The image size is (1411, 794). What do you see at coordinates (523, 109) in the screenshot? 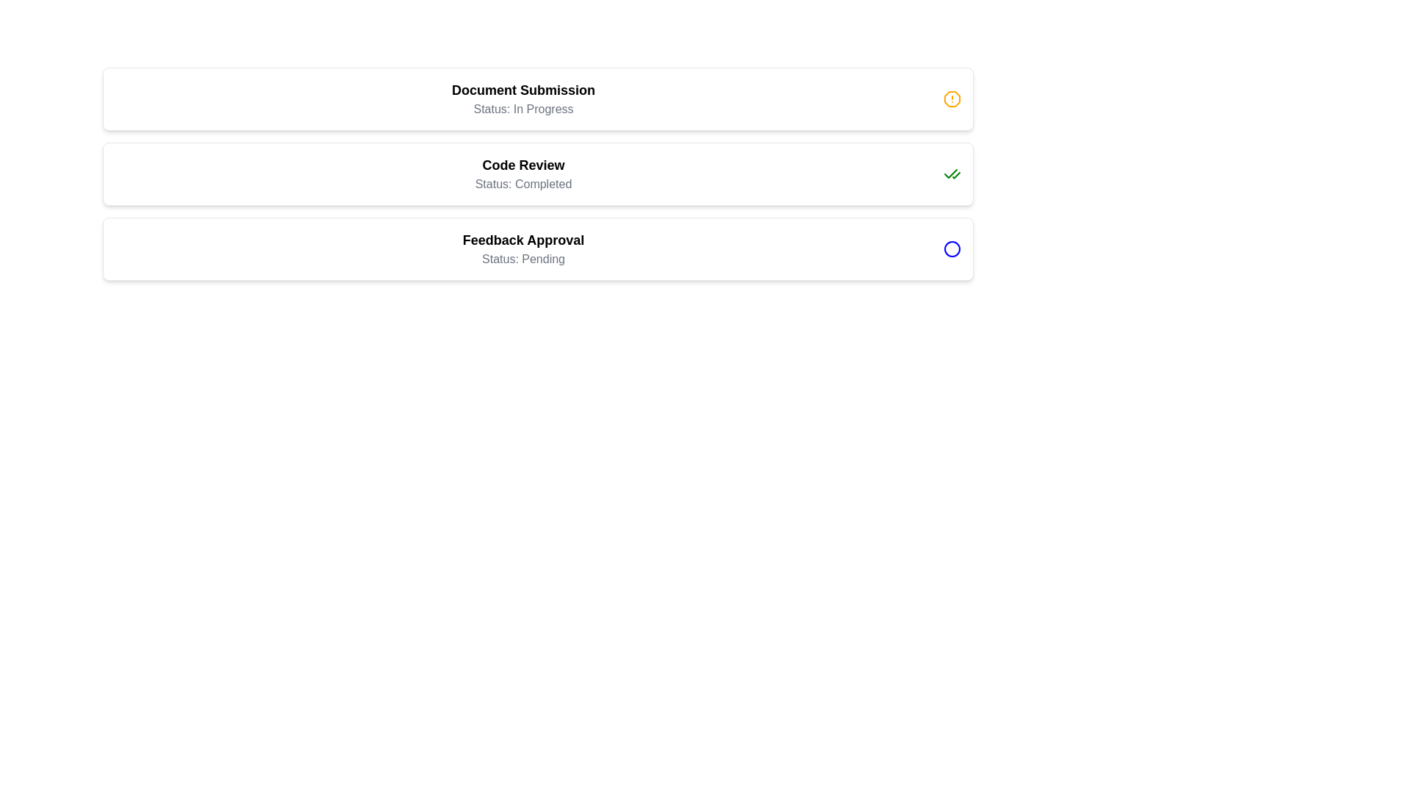
I see `the Text label that indicates the current status of the 'Document Submission' task, which is 'In Progress', positioned directly below the heading 'Document Submission' in the top card` at bounding box center [523, 109].